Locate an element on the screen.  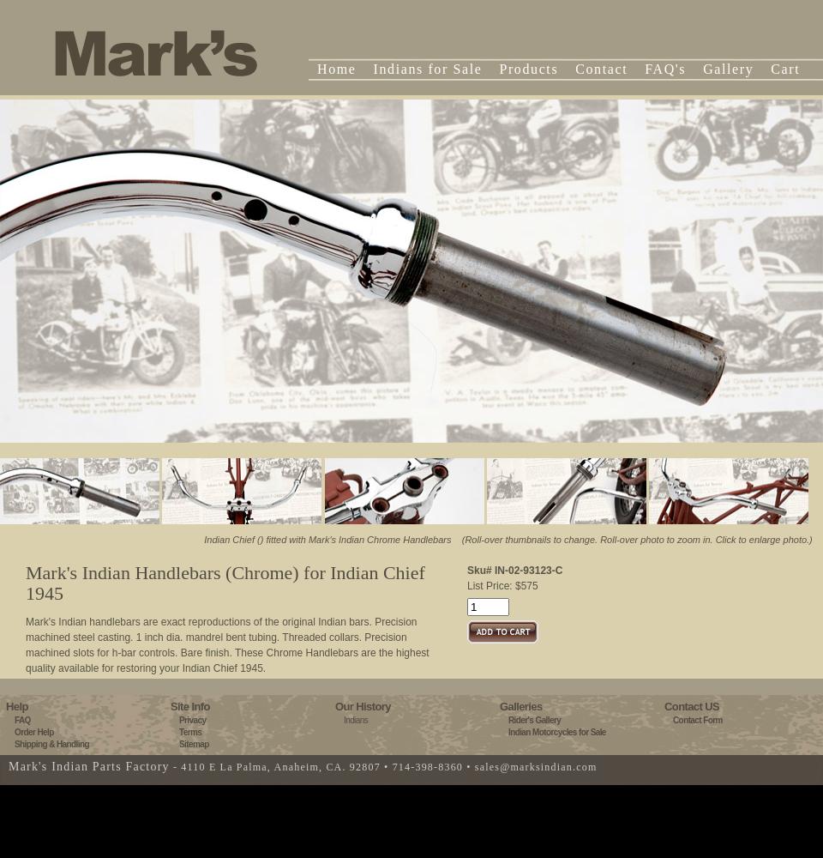
'- 4110 E La Palma, Anaheim, CA. 92807 • 714-398-8360 • sales@marksindian.com' is located at coordinates (382, 767).